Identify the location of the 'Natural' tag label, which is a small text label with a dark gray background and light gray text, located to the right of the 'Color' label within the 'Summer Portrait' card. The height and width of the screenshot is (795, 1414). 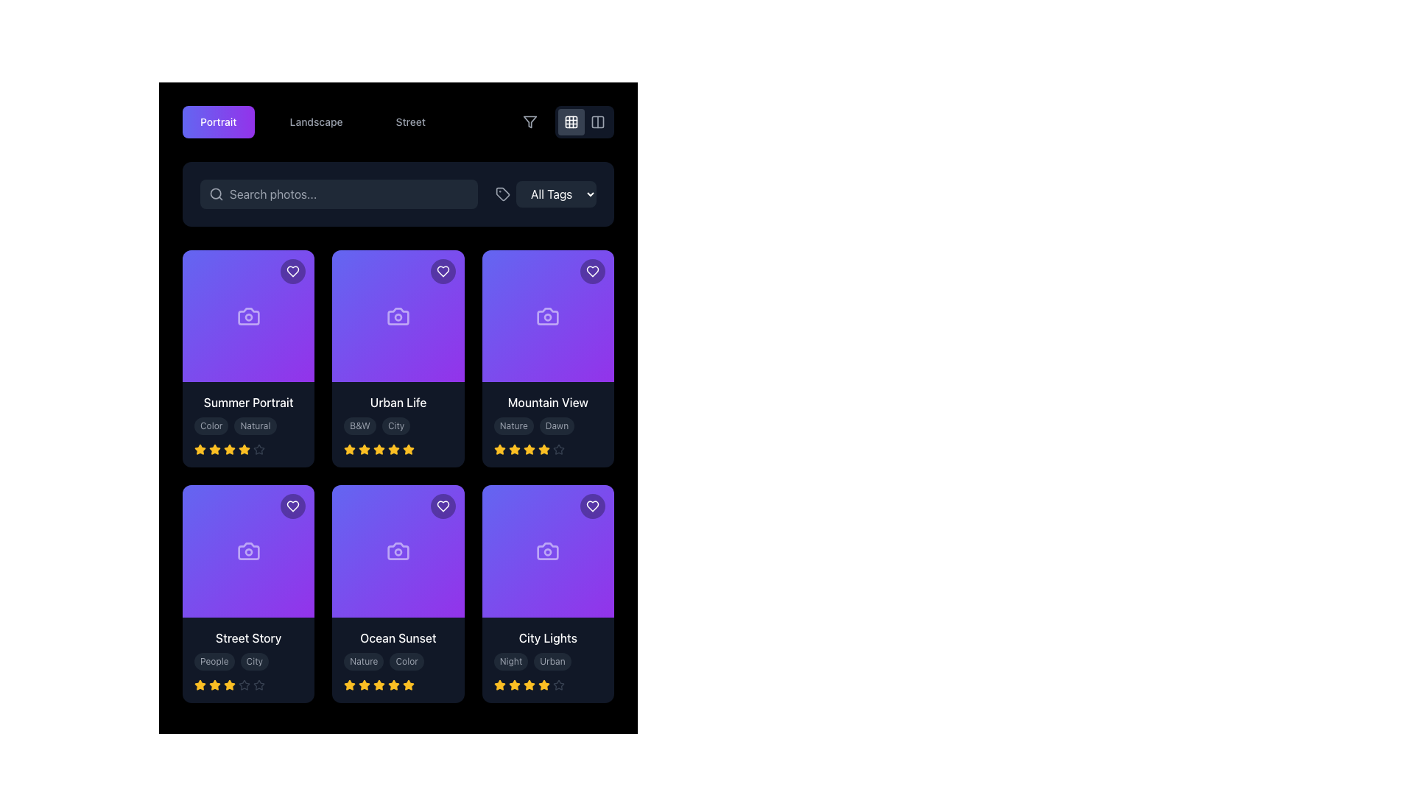
(255, 426).